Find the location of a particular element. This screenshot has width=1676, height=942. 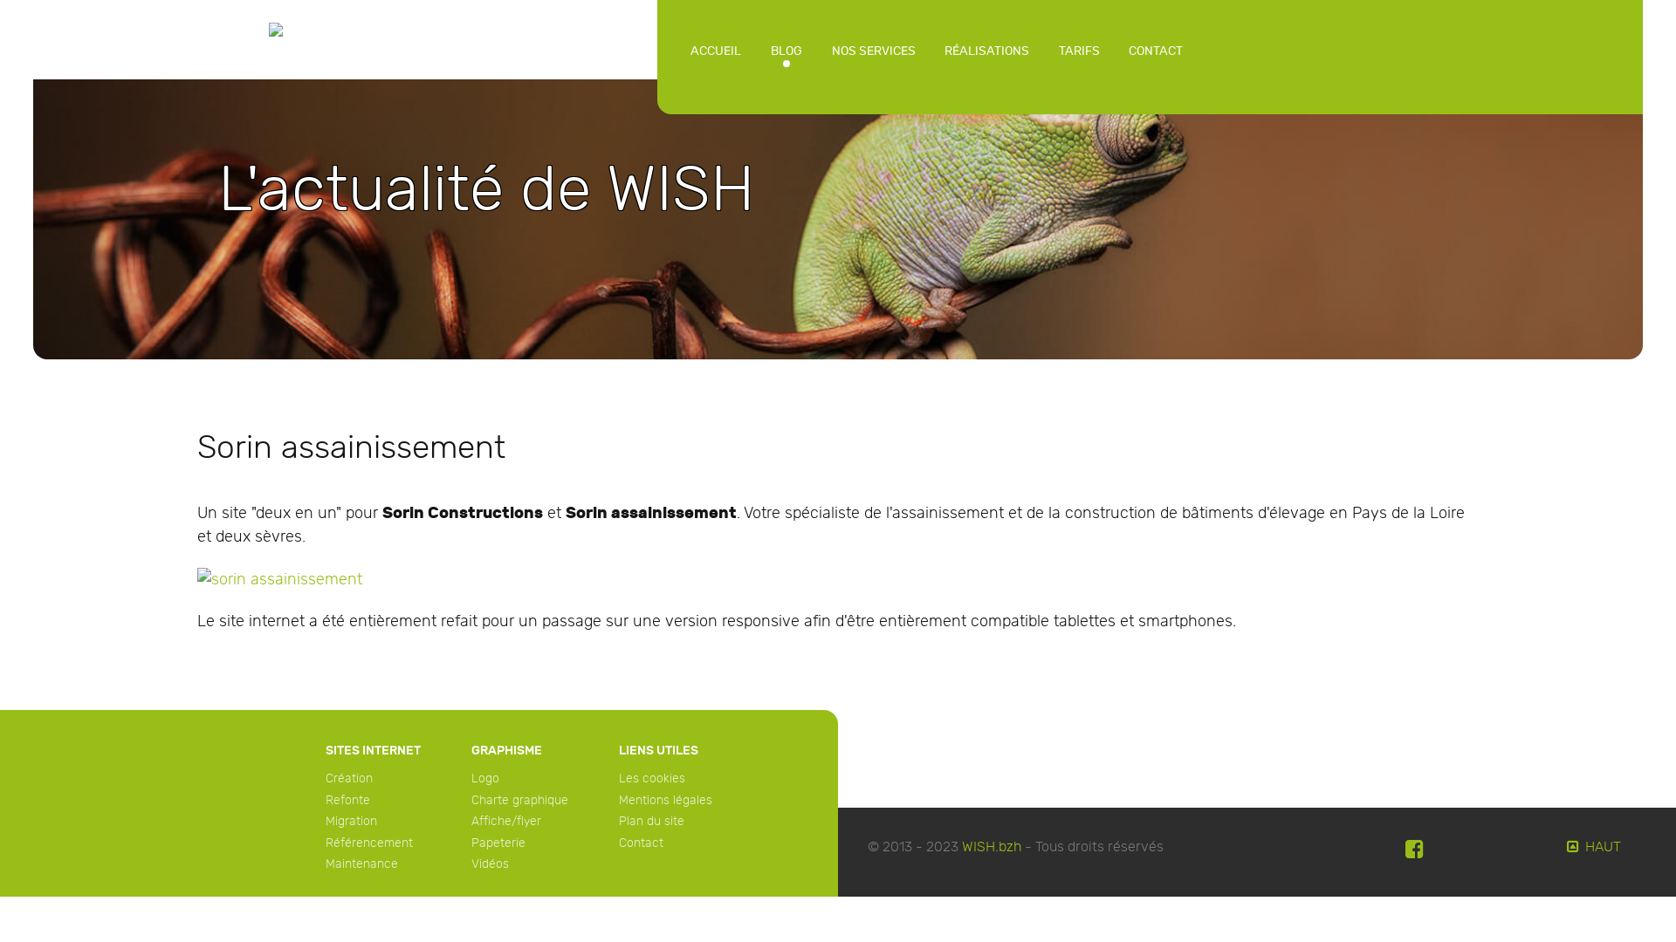

'WISH.bzh' is located at coordinates (992, 846).